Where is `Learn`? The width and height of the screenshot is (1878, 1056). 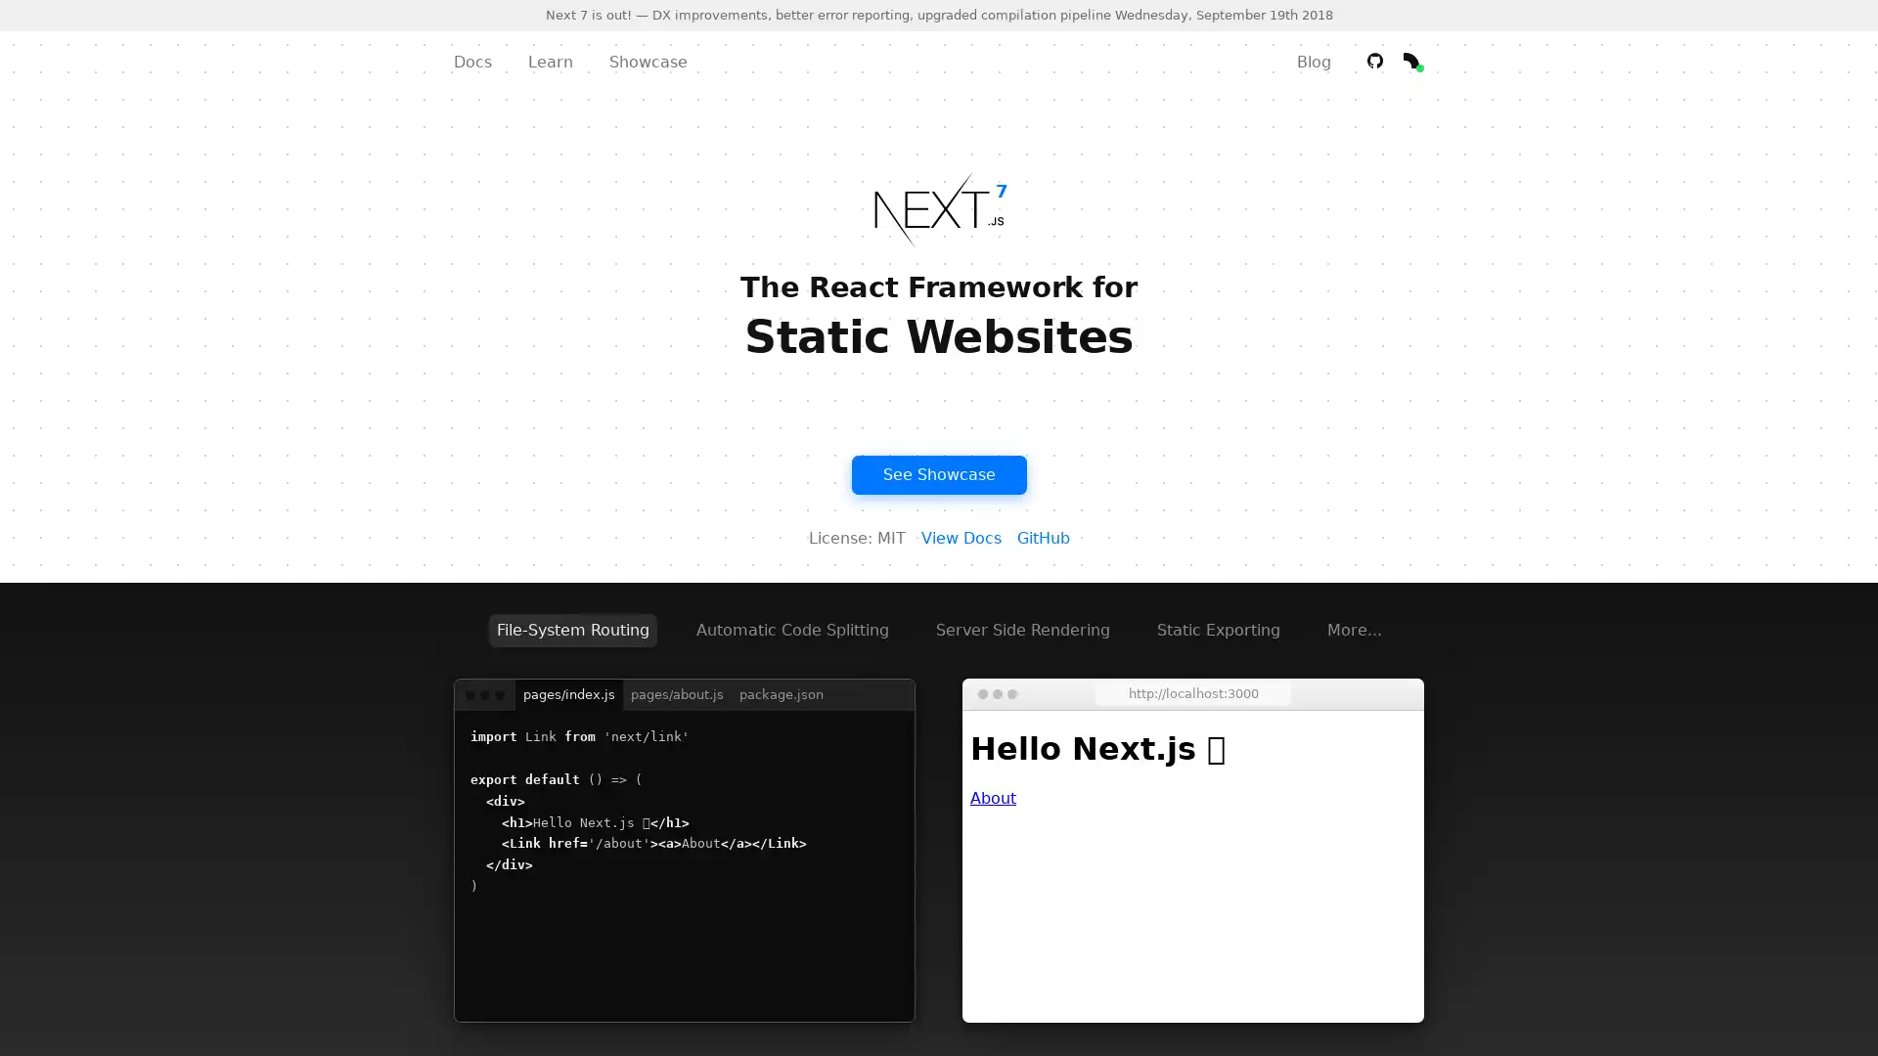 Learn is located at coordinates (549, 61).